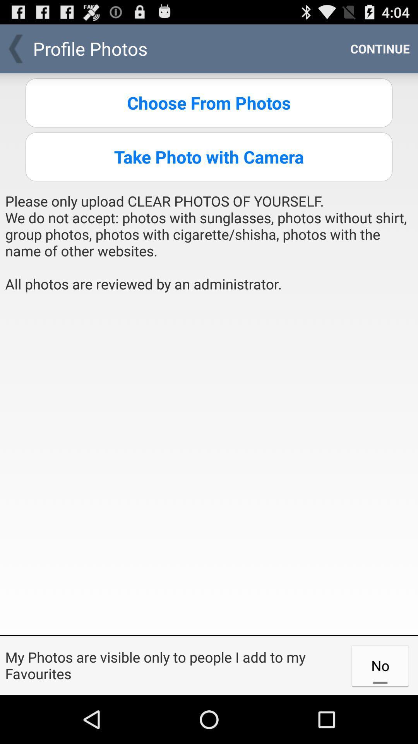  What do you see at coordinates (209, 102) in the screenshot?
I see `the choose from photos button` at bounding box center [209, 102].